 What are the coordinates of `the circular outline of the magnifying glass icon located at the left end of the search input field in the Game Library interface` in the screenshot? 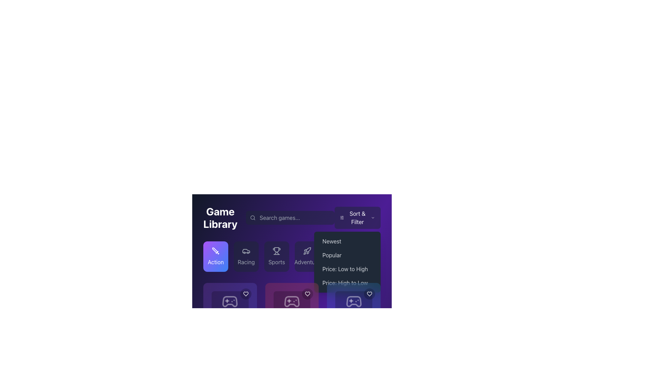 It's located at (252, 217).